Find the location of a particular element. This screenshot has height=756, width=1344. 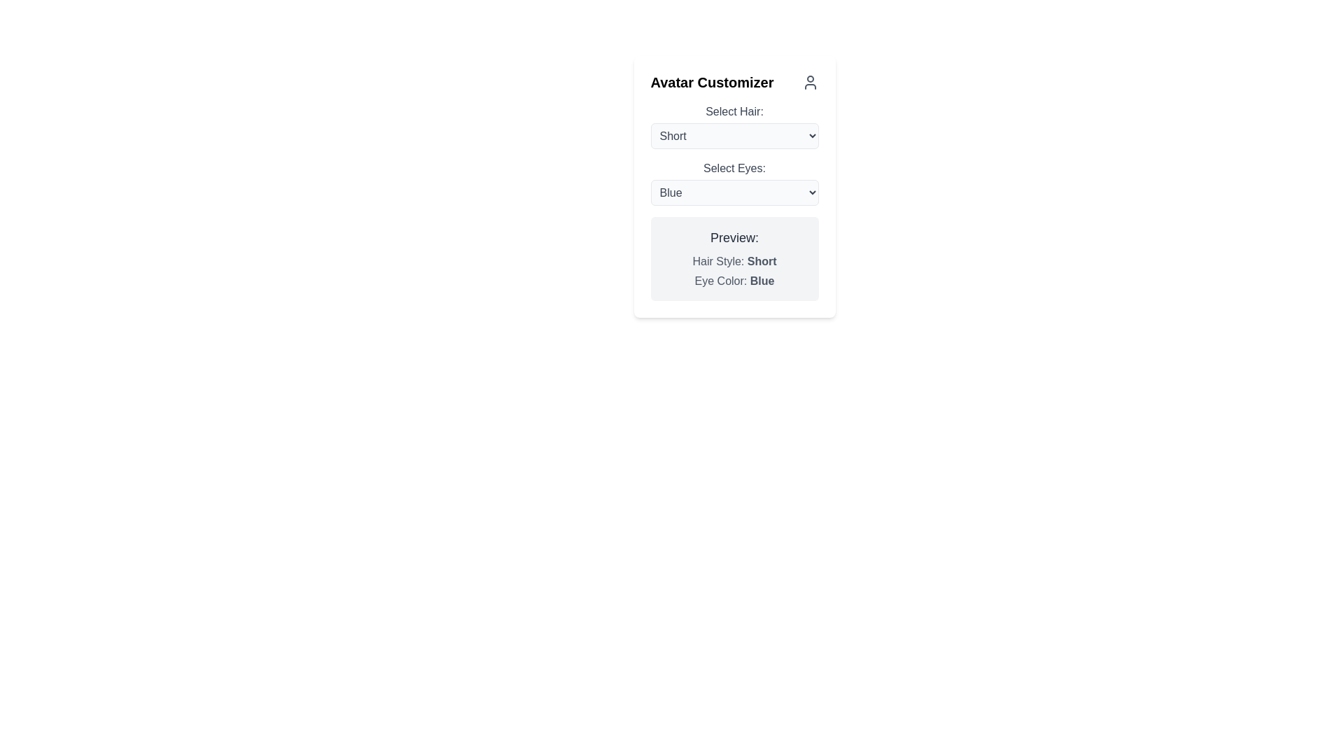

the 'Blue' text label indicating the selected eye color for the avatar customization, located beneath the 'Preview' heading and adjacent to the 'Hair Style: Short' descriptor is located at coordinates (762, 281).